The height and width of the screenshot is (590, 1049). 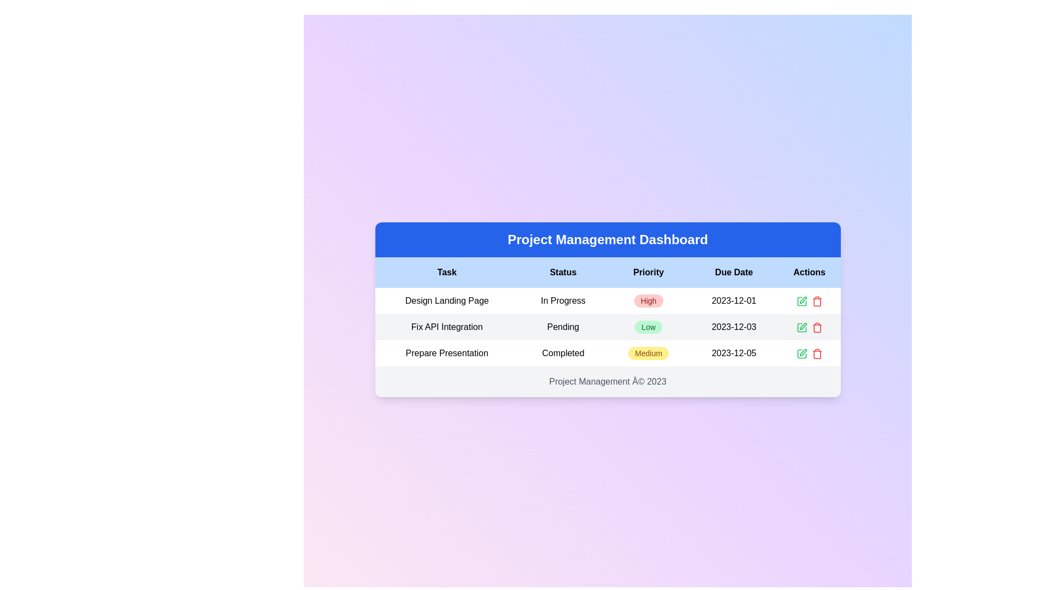 I want to click on the 'High' priority label in the third column of the 'Project Management Dashboard' table for the task 'Design Landing Page', so click(x=649, y=301).